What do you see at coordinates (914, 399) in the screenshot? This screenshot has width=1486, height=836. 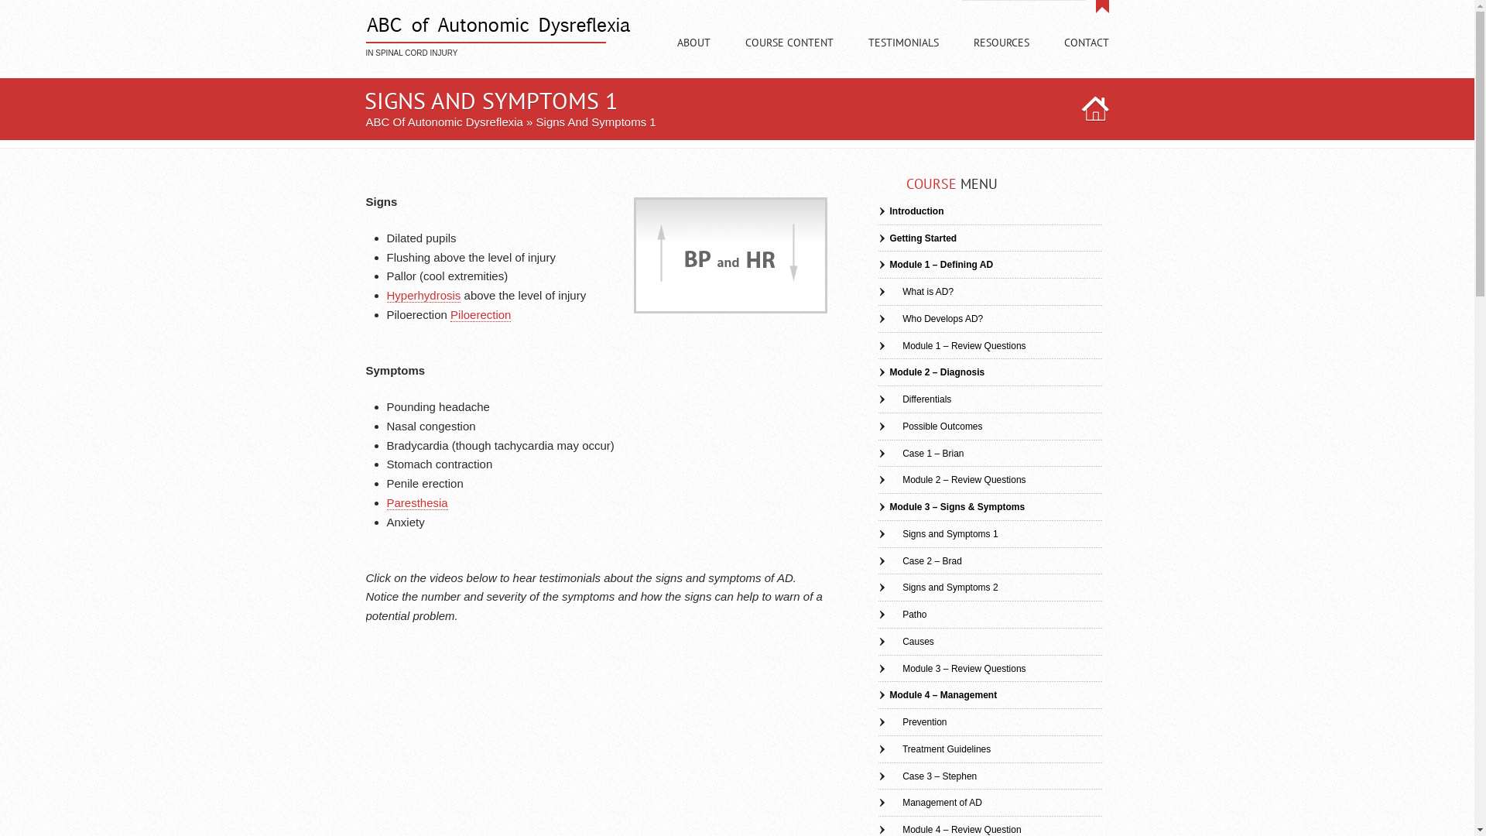 I see `'     Differentials'` at bounding box center [914, 399].